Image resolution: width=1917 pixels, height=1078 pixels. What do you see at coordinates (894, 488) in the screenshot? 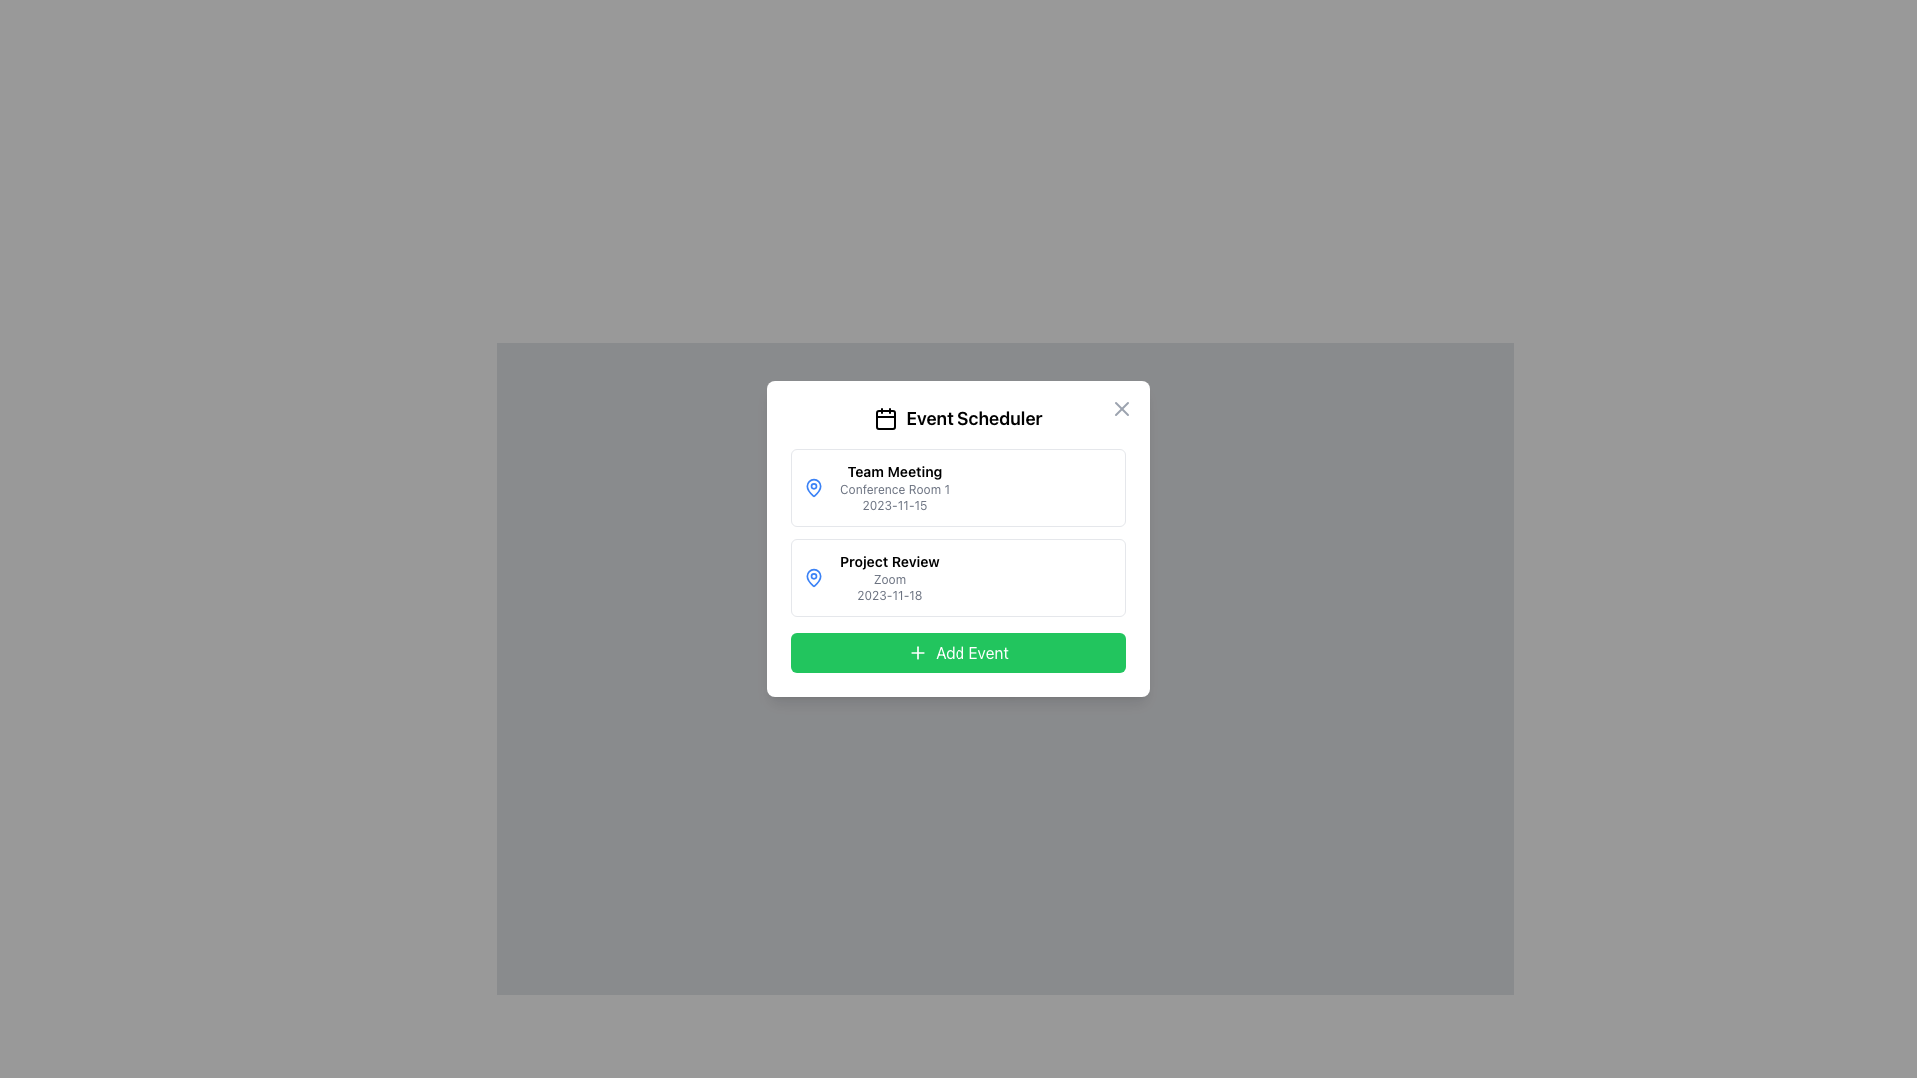
I see `the 'Team Meeting' text label element, which displays the title, subtitle, and date aligned vertically to the left within the 'Event Scheduler' interface` at bounding box center [894, 488].